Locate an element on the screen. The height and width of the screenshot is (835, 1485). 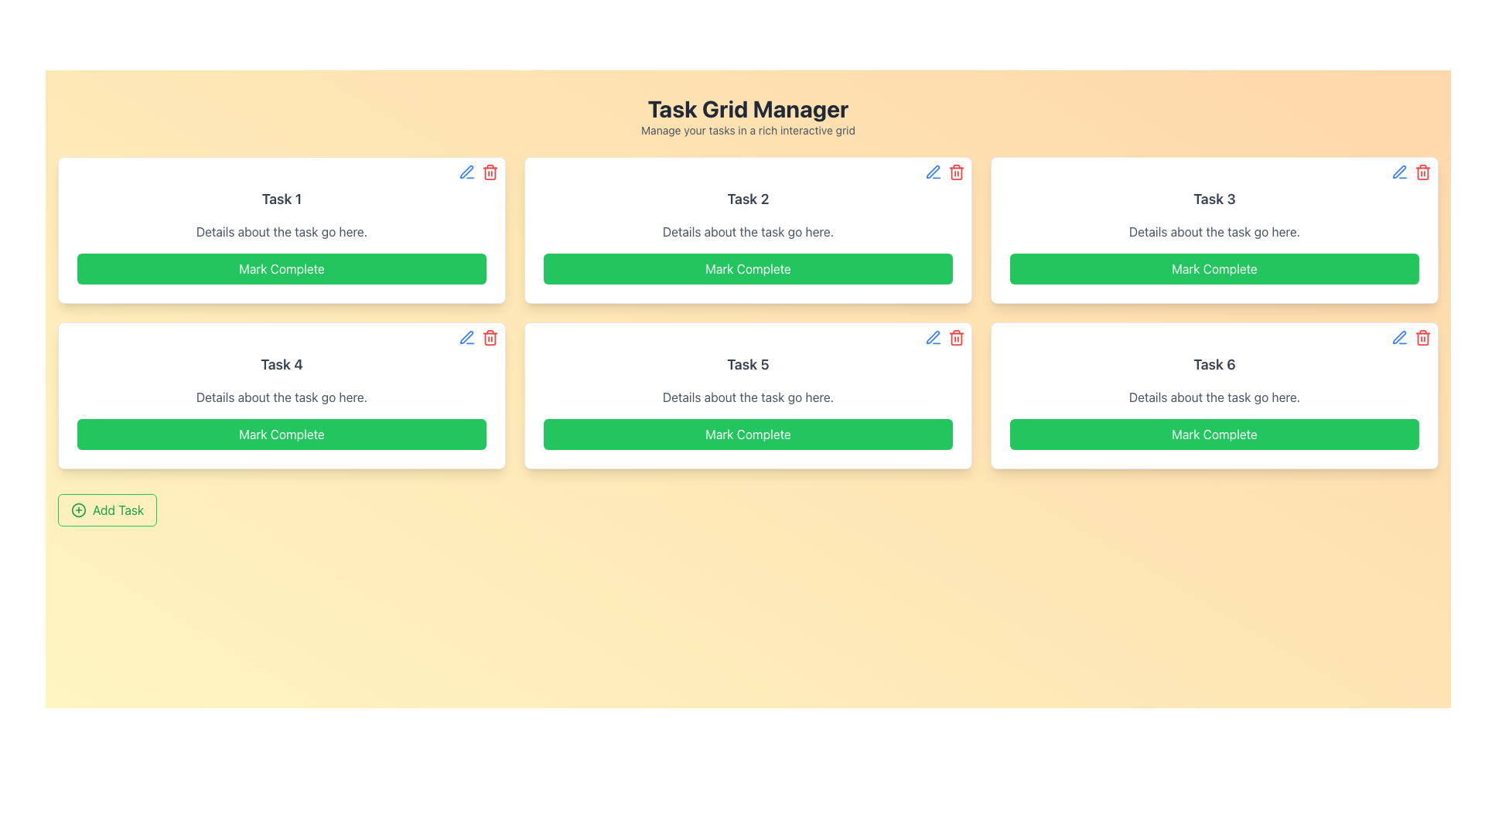
the blue pen-shaped edit icon located at the top right corner of the task card is located at coordinates (932, 172).